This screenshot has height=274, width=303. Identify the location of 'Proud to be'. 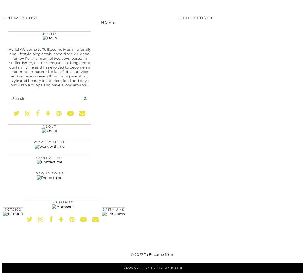
(49, 173).